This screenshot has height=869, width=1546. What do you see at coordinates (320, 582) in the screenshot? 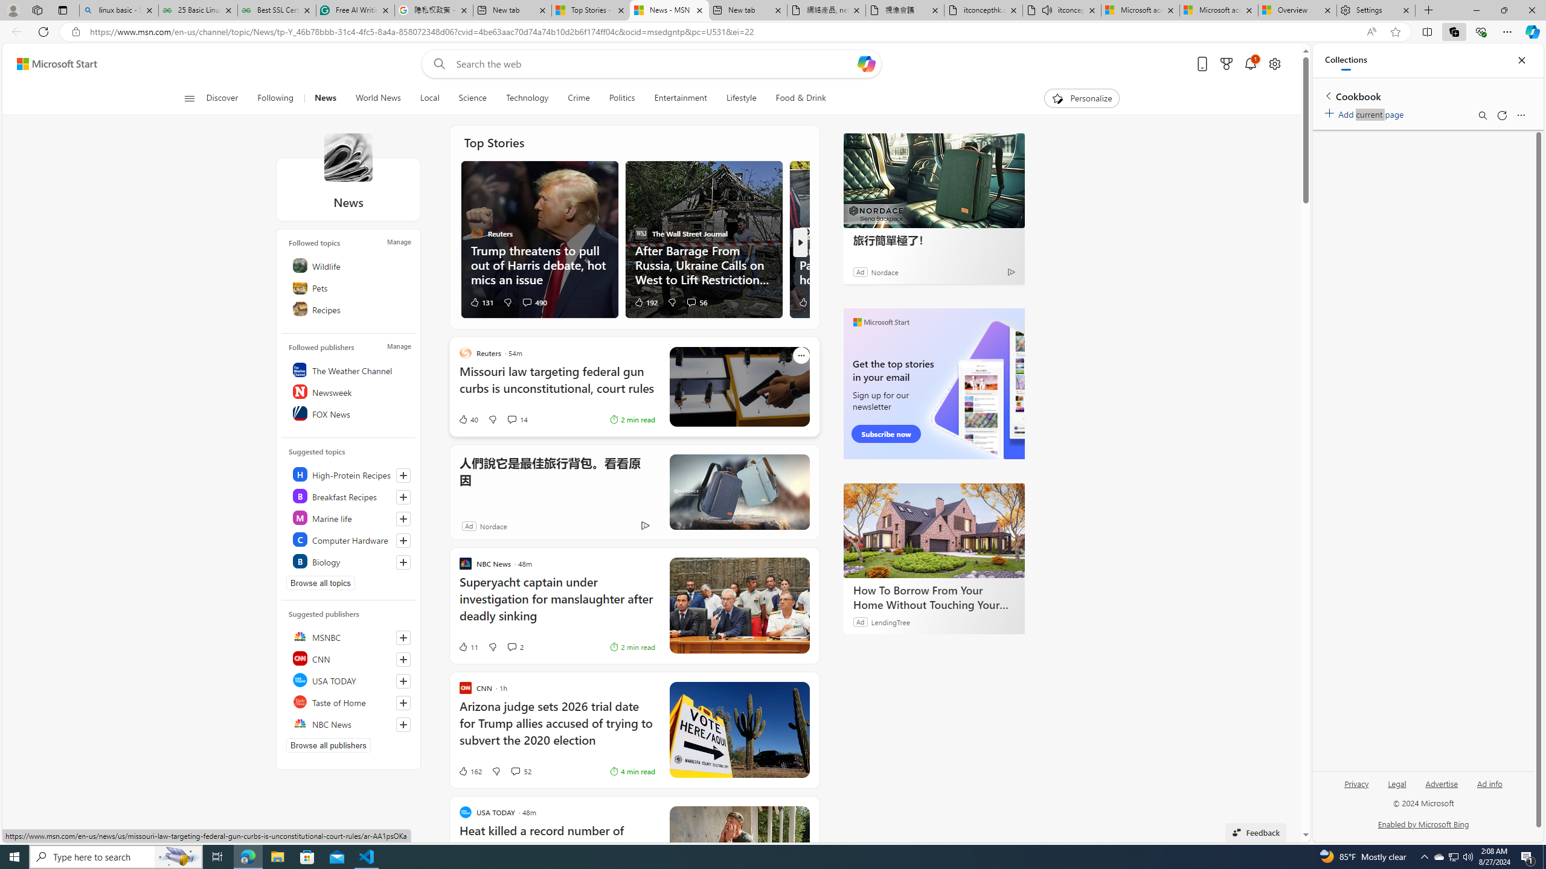
I see `'Browse all topics'` at bounding box center [320, 582].